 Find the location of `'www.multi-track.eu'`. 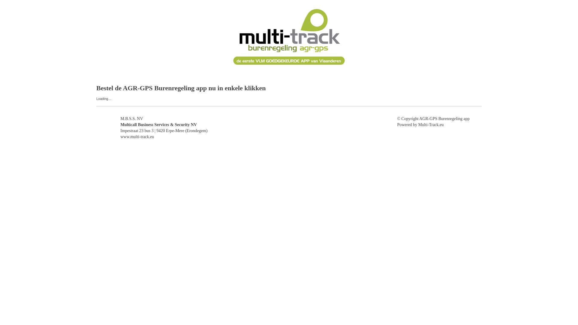

'www.multi-track.eu' is located at coordinates (137, 137).